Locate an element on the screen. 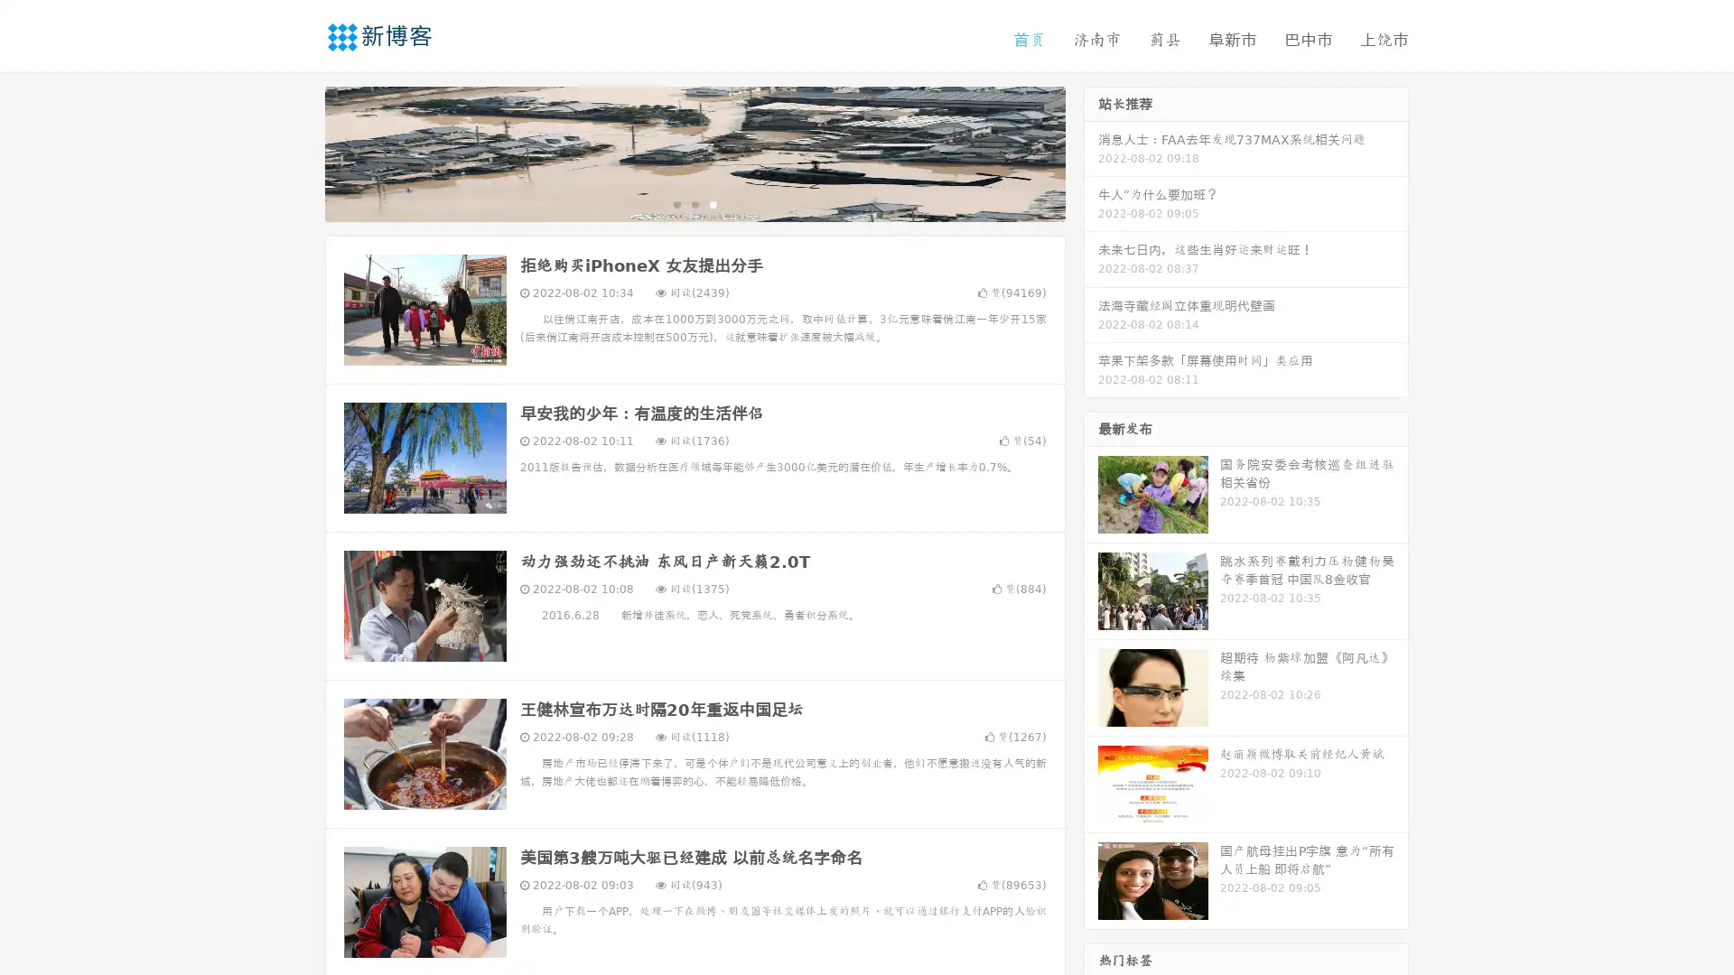  Previous slide is located at coordinates (298, 152).